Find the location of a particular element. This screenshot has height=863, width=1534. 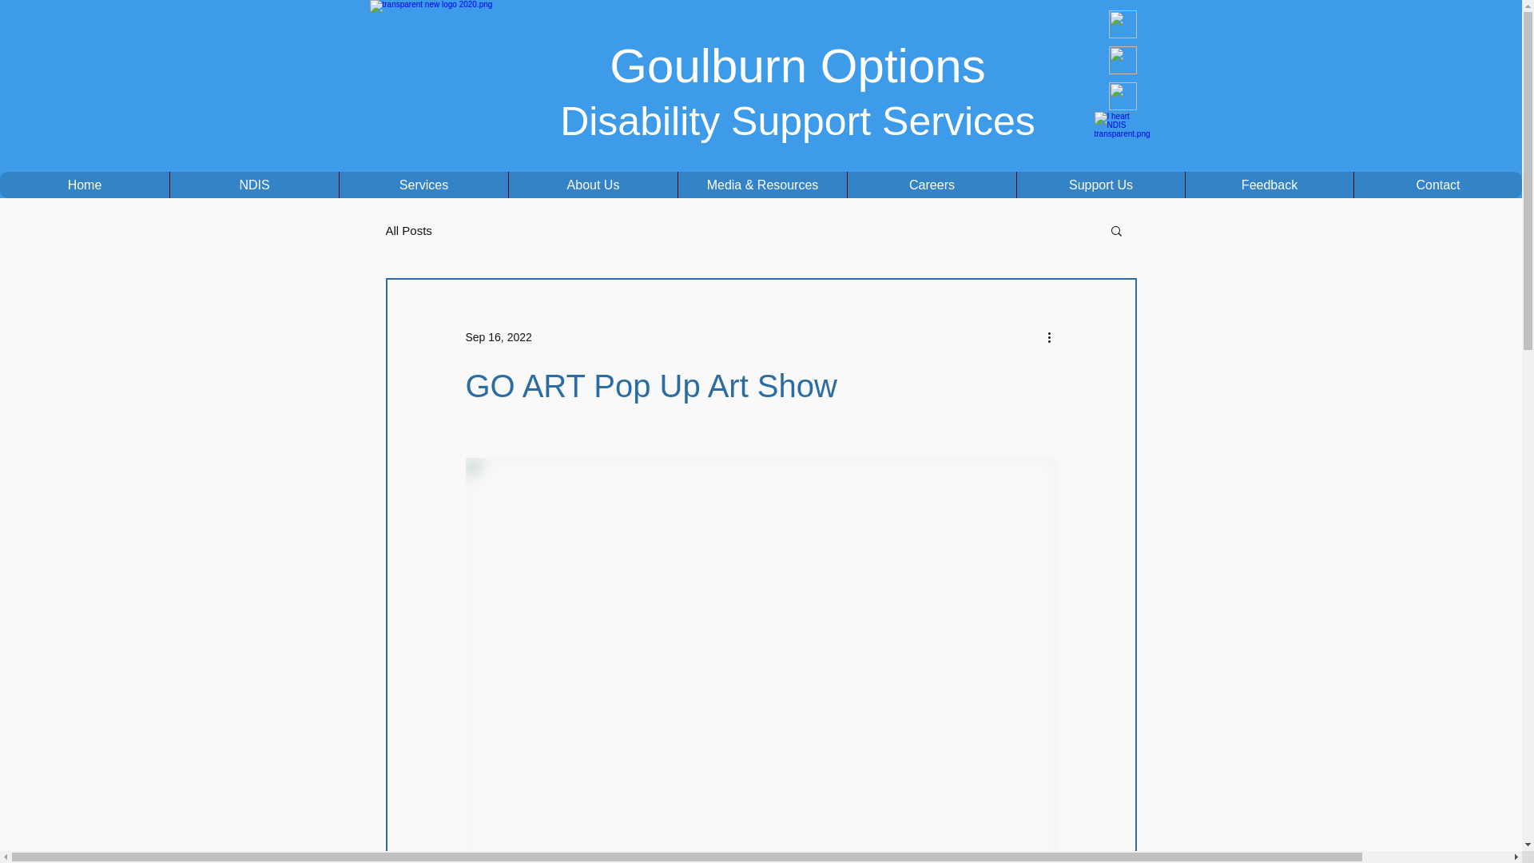

'Support Us' is located at coordinates (1099, 184).